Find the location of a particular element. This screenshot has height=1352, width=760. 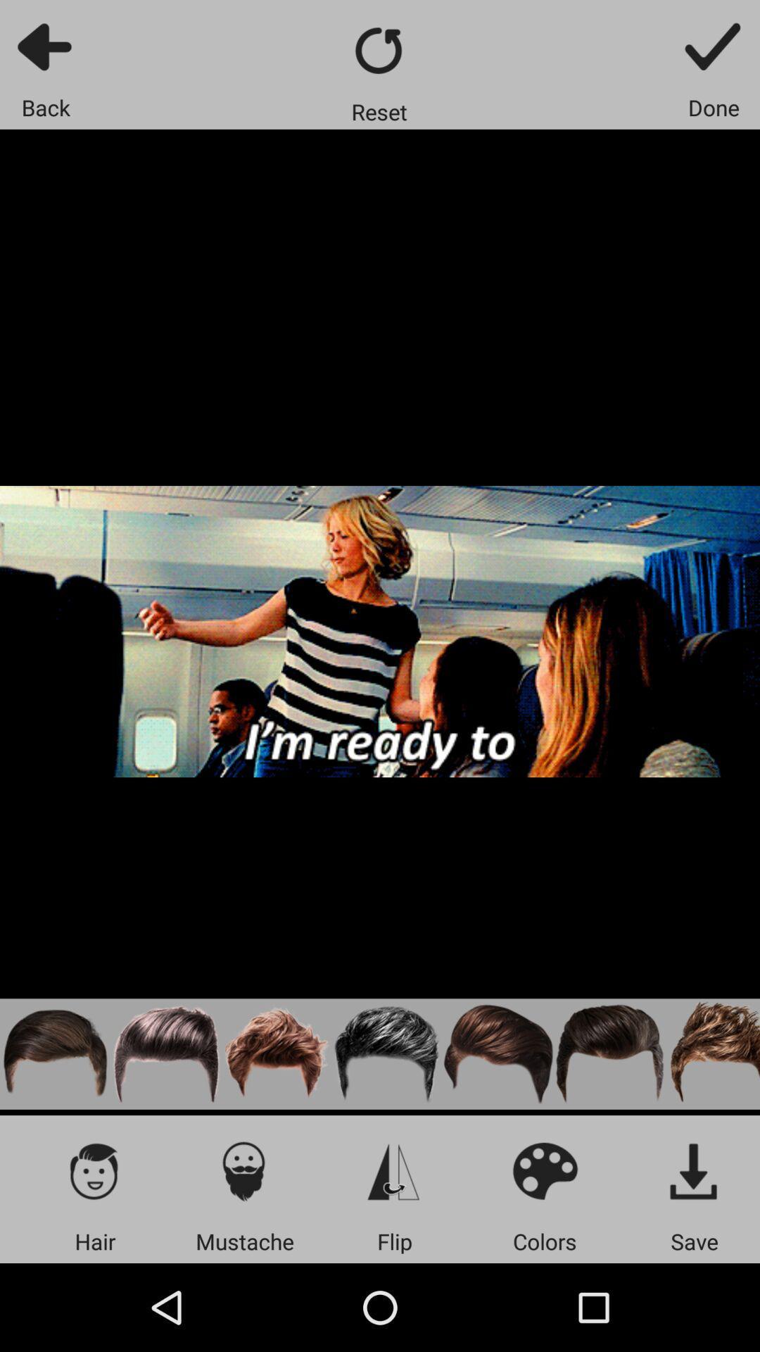

the arrow_backward icon is located at coordinates (45, 46).